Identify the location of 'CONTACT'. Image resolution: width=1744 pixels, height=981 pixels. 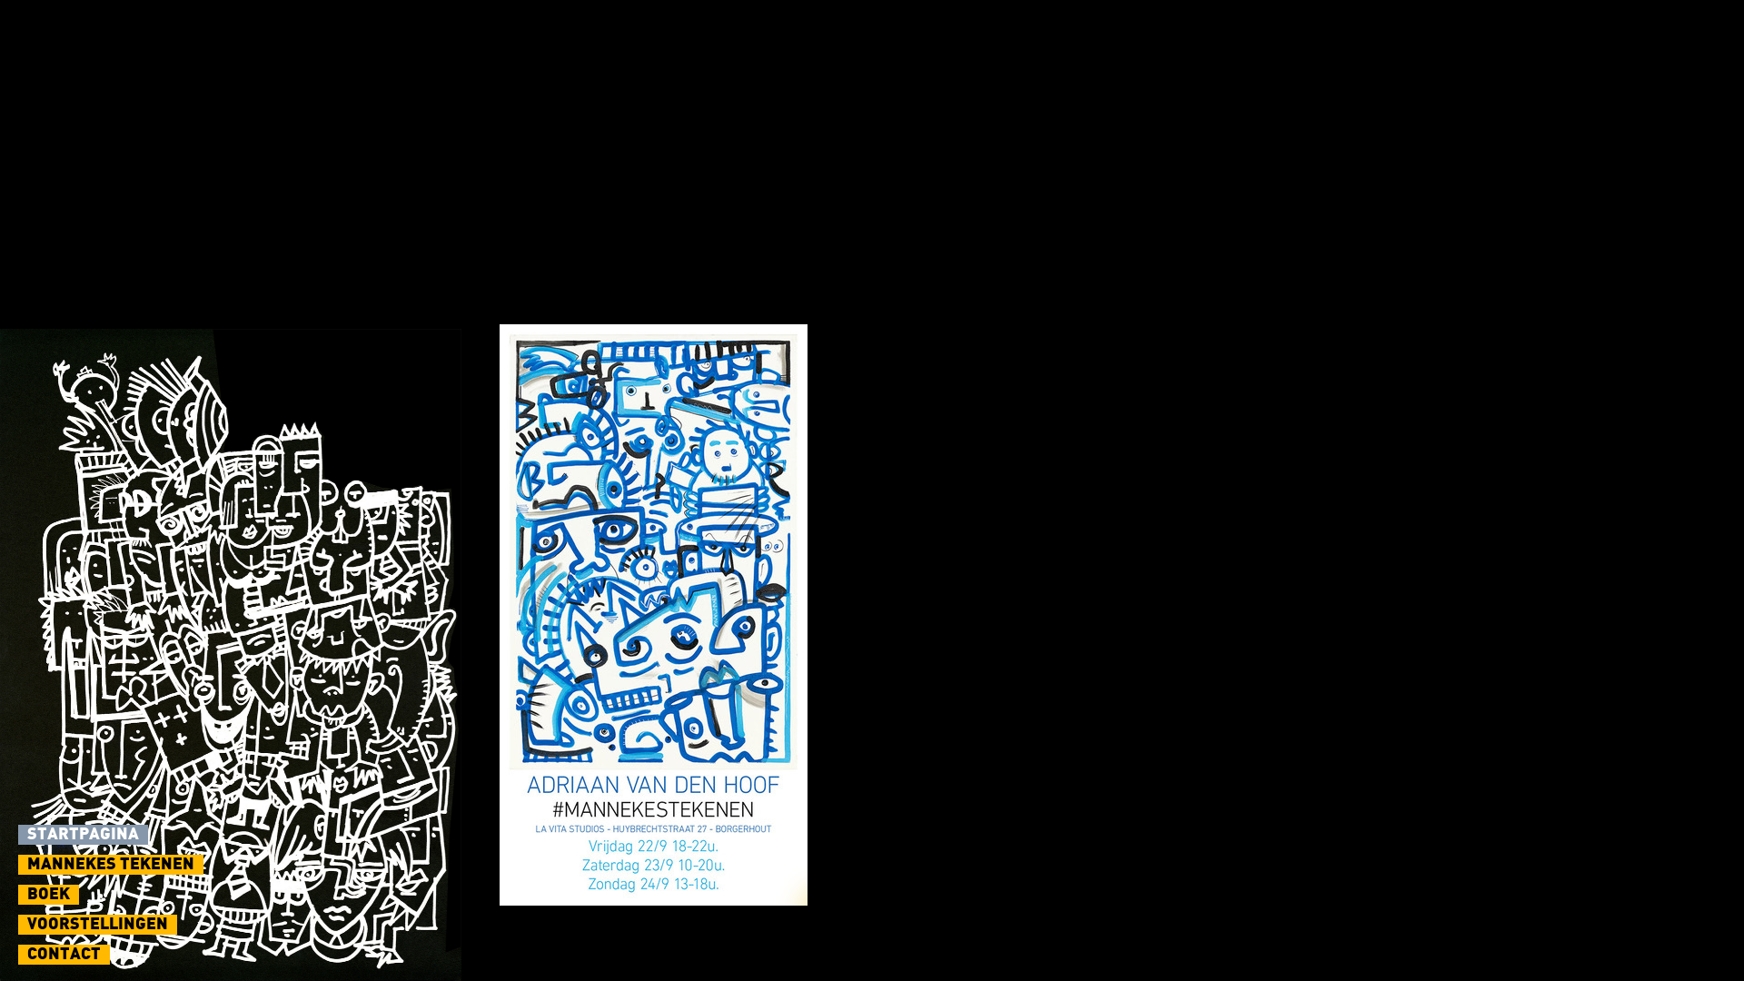
(64, 953).